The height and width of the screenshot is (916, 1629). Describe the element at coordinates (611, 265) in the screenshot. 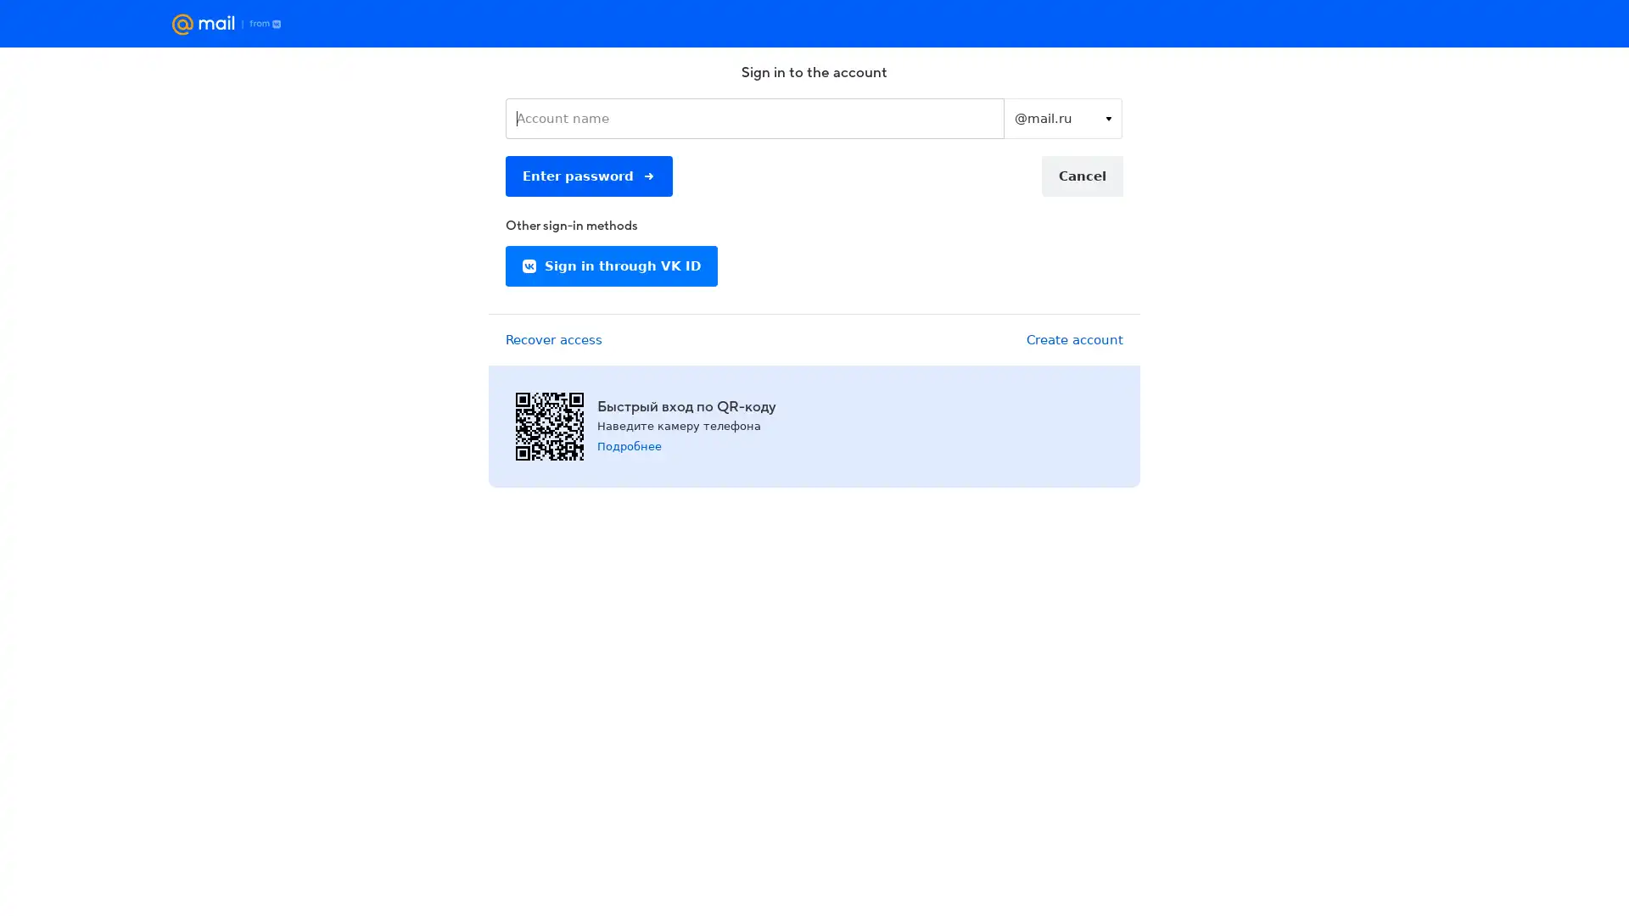

I see `Sign in through VK ID` at that location.